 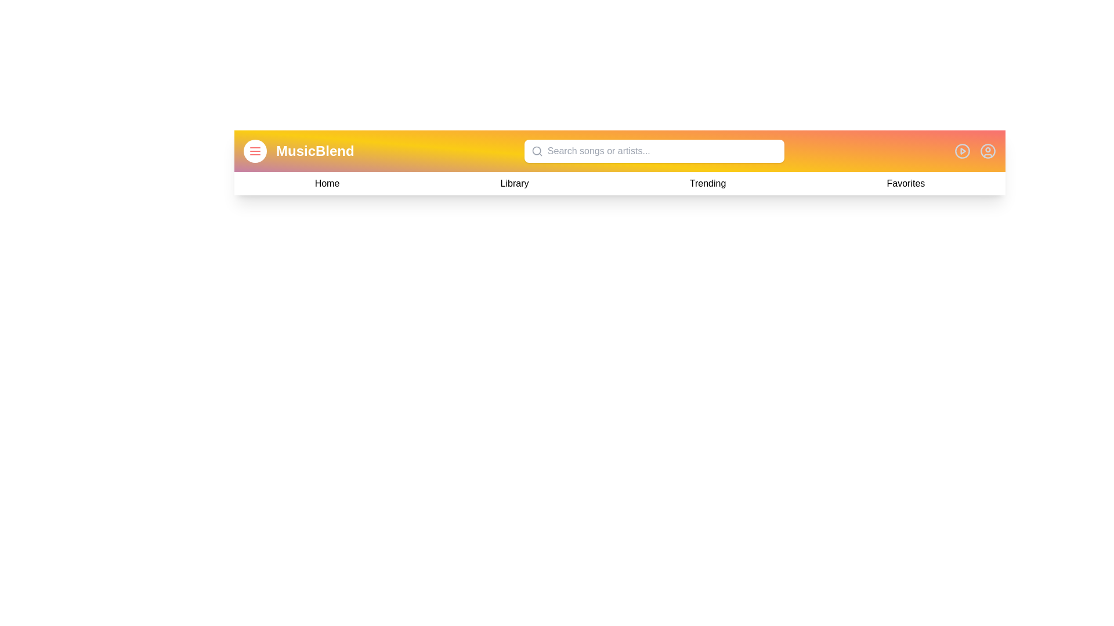 I want to click on the menu toggle button to toggle the menu visibility, so click(x=255, y=151).